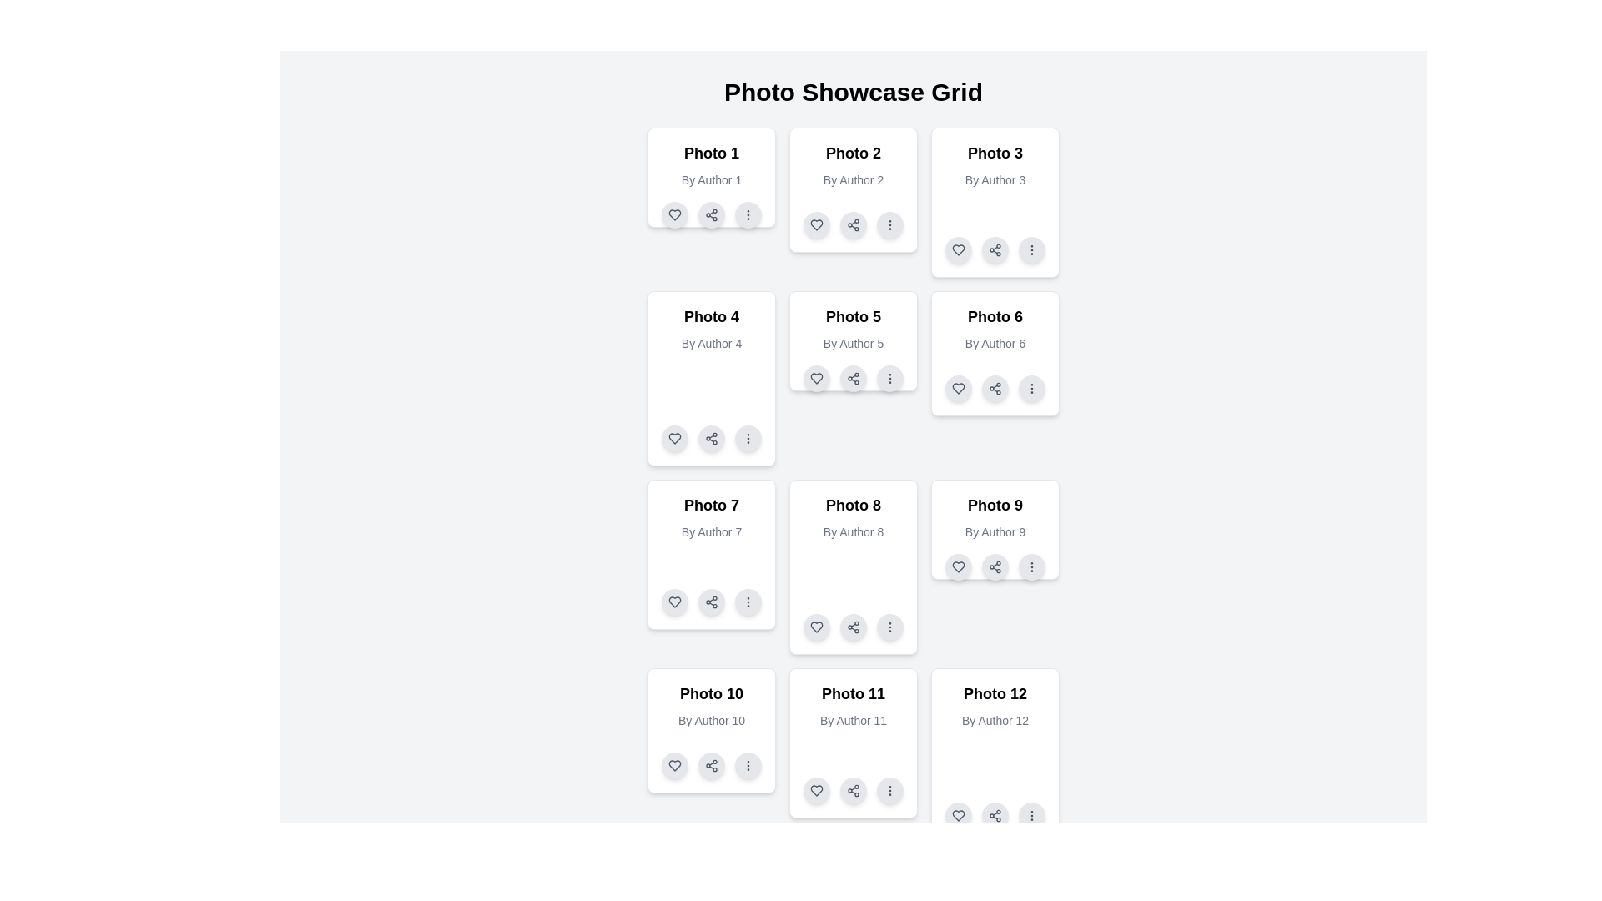 This screenshot has height=901, width=1602. Describe the element at coordinates (712, 602) in the screenshot. I see `the share button, represented as three interconnected circles in gray, located at the bottom center of the card for 'Photo 7', to initiate sharing options` at that location.